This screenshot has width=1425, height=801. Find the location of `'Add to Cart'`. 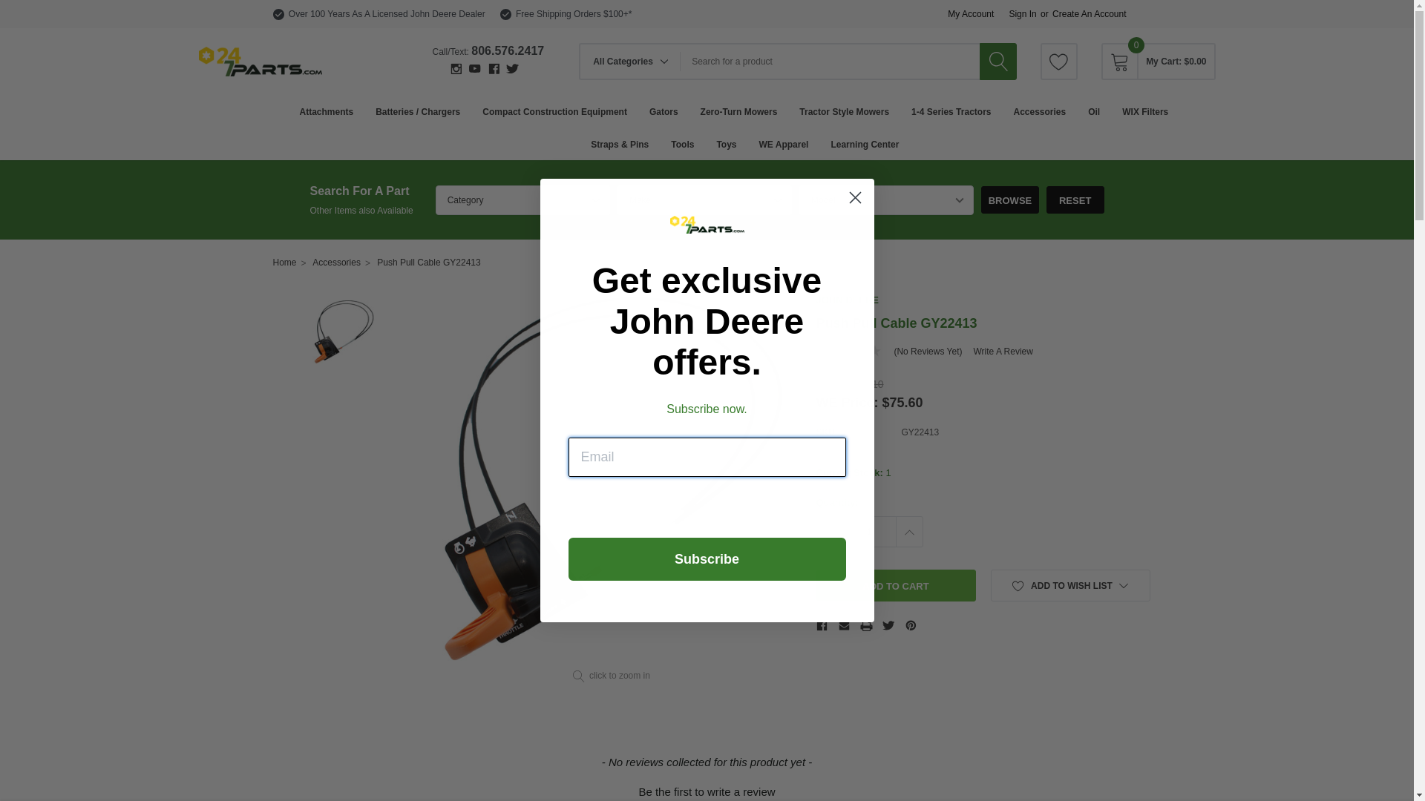

'Add to Cart' is located at coordinates (895, 584).